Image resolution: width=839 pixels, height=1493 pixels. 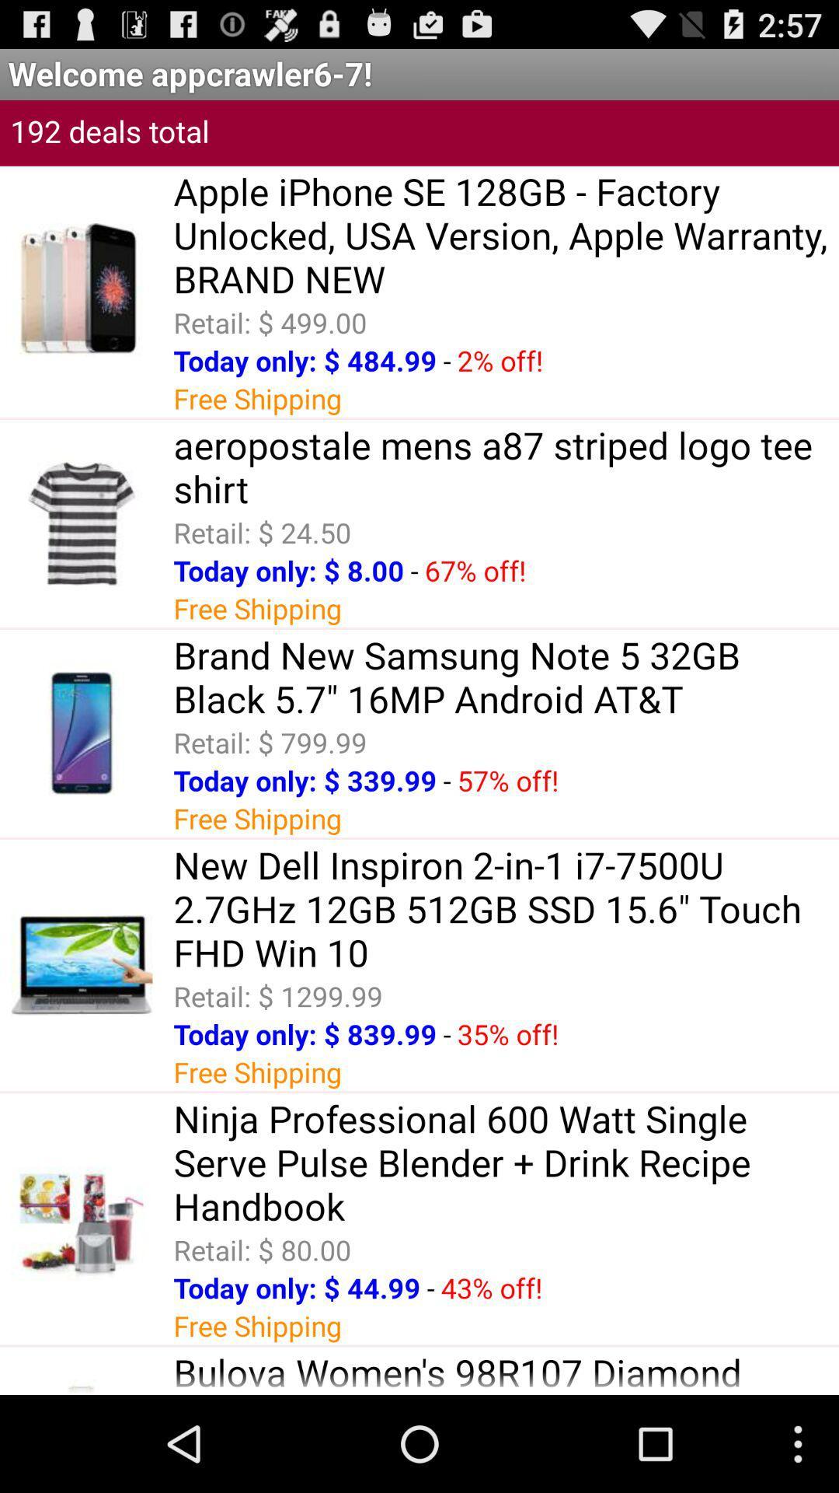 I want to click on the item above retail: $ 24.50, so click(x=506, y=466).